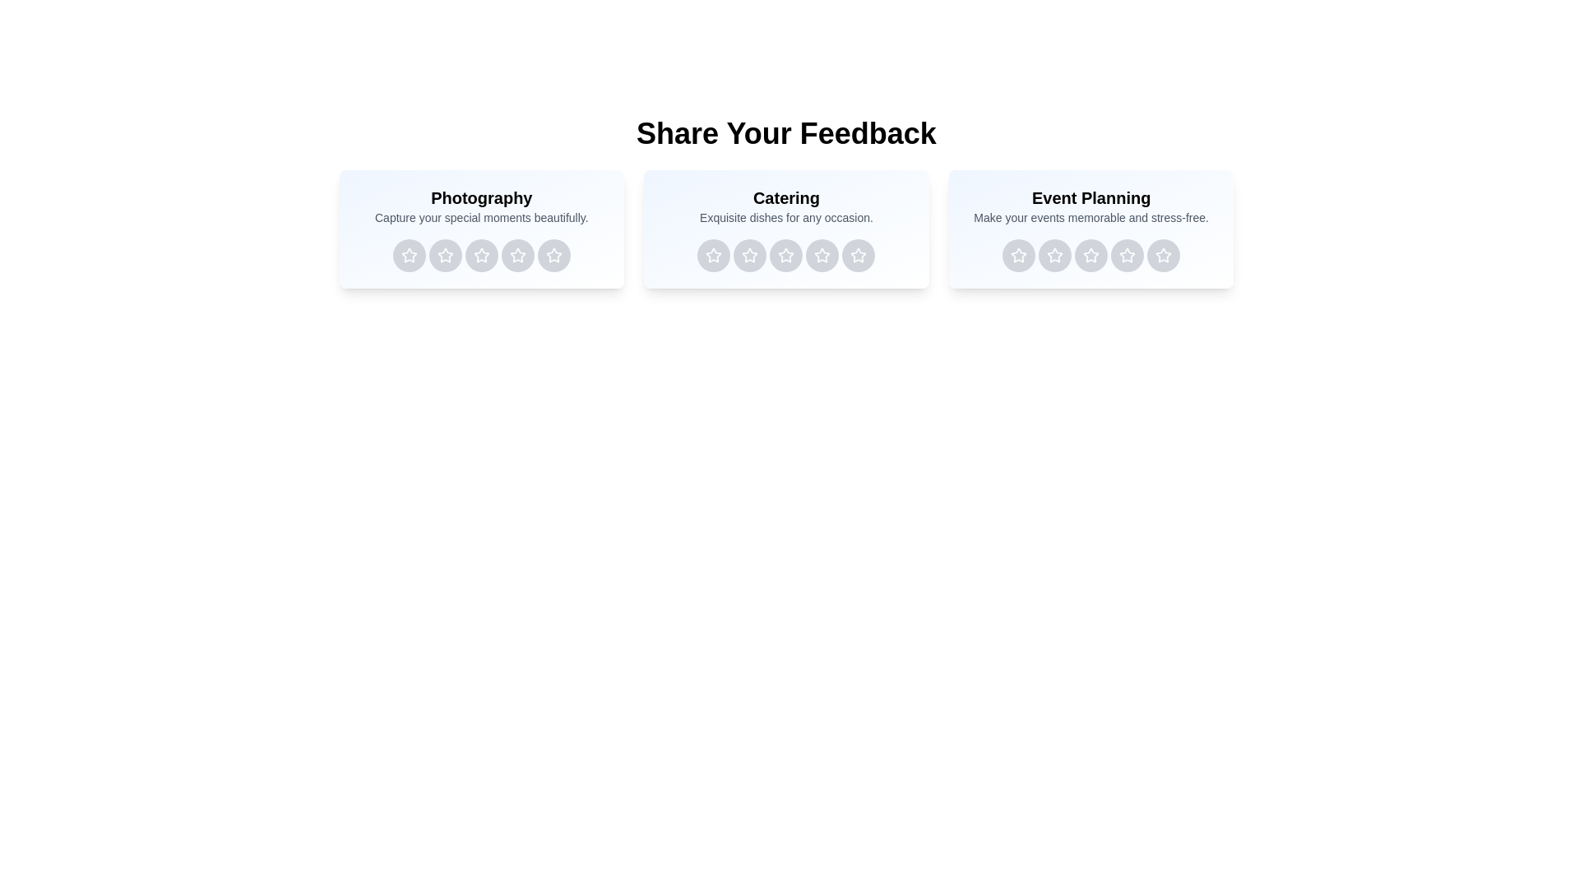  Describe the element at coordinates (785, 256) in the screenshot. I see `the rating button for Catering service with 3 stars` at that location.